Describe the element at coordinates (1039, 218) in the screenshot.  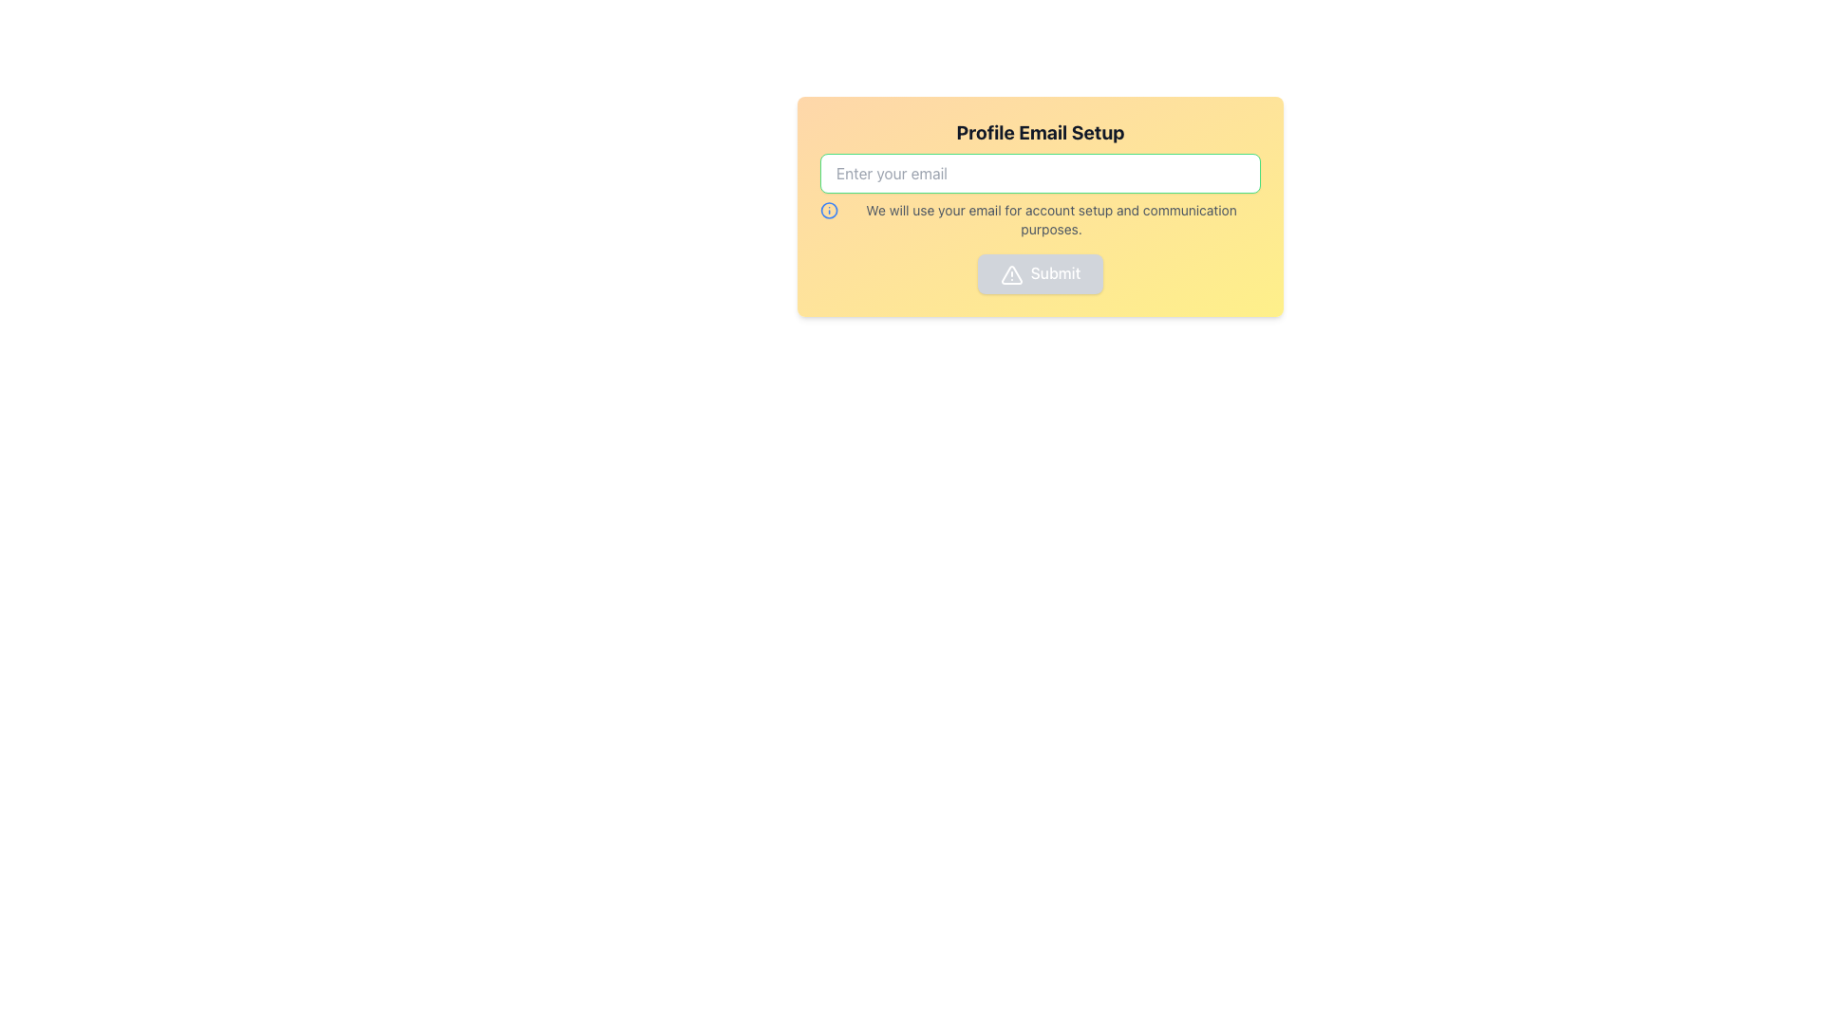
I see `text contents of the Text Block with Icon that displays information regarding email usage for account setup and communication purposes` at that location.